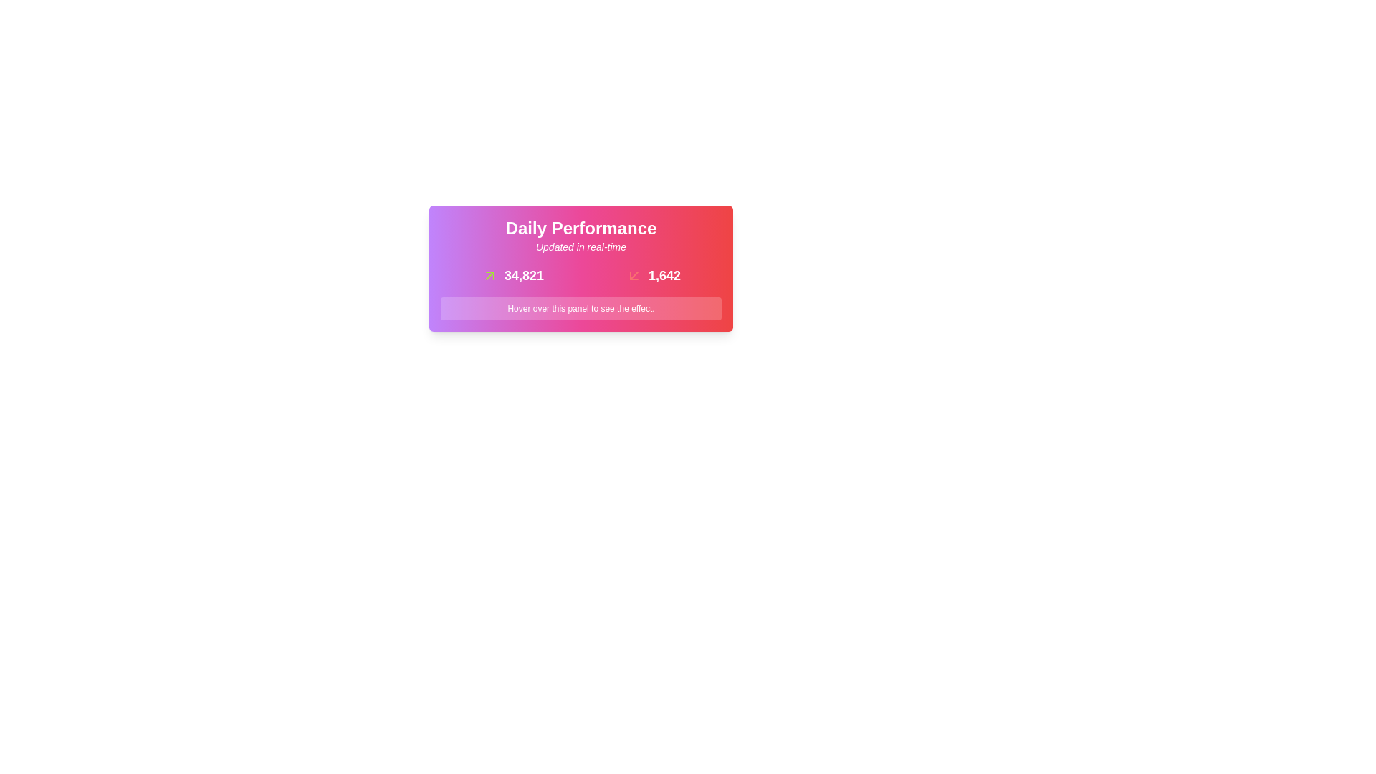 The height and width of the screenshot is (774, 1376). What do you see at coordinates (652, 276) in the screenshot?
I see `displayed information of the second statistic in the 'Daily Performance' panel, which is represented with a red downward arrow icon indicating a decrease` at bounding box center [652, 276].